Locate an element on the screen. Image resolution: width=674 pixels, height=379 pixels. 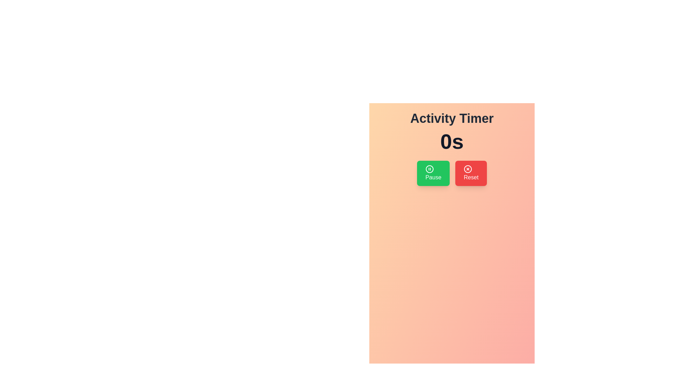
the circular SVG graphic located within the green 'Pause' button at the center of the button is located at coordinates (429, 169).